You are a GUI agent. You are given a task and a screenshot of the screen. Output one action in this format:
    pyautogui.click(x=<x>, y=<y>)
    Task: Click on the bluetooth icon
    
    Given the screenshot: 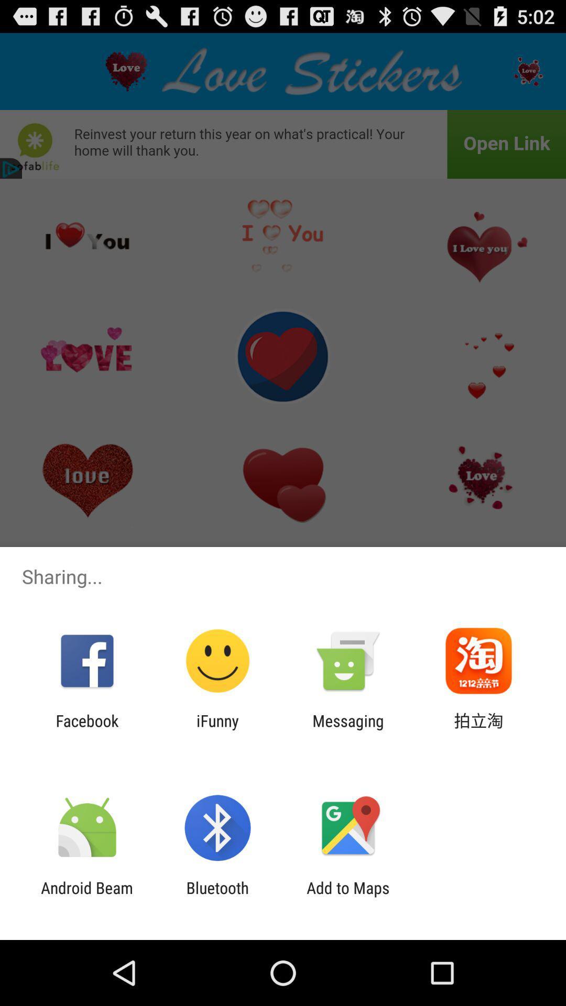 What is the action you would take?
    pyautogui.click(x=217, y=896)
    